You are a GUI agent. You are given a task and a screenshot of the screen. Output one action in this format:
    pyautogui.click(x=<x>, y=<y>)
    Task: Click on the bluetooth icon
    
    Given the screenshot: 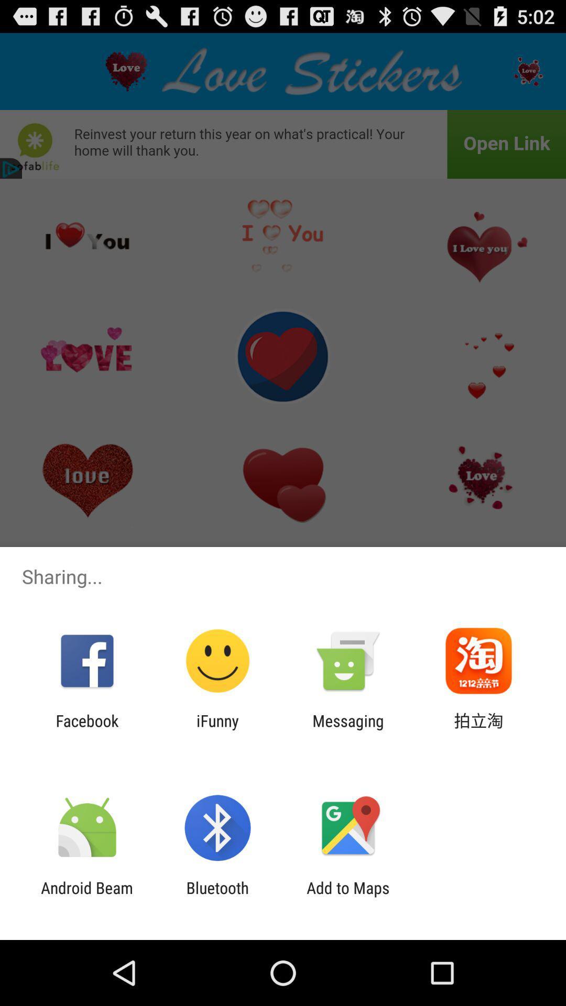 What is the action you would take?
    pyautogui.click(x=217, y=896)
    